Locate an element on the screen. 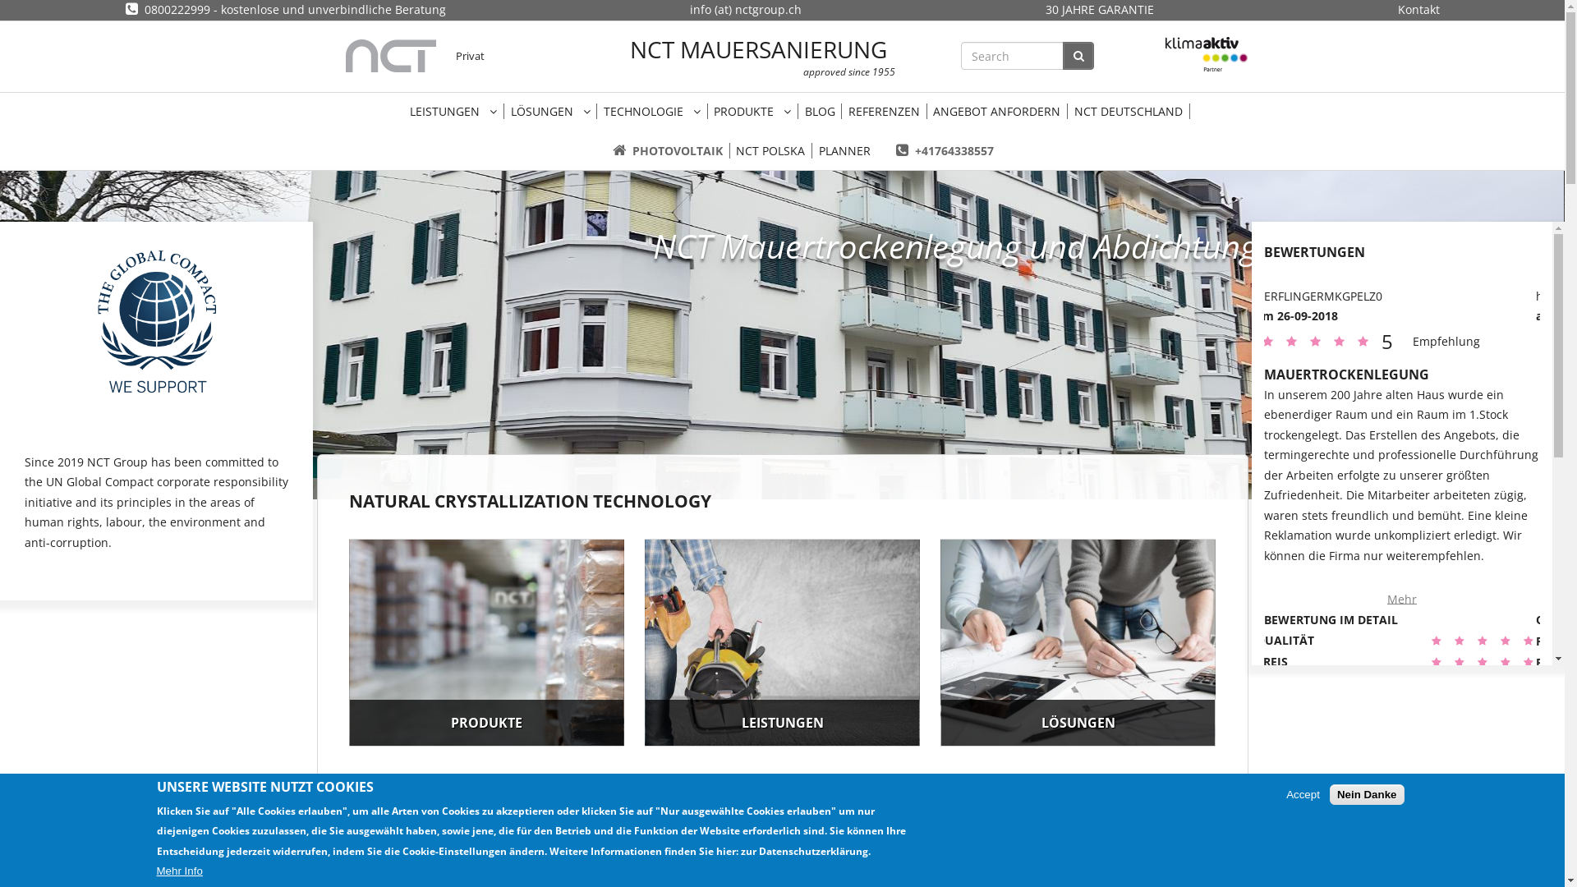 This screenshot has height=887, width=1577. 'BLOG' is located at coordinates (798, 111).